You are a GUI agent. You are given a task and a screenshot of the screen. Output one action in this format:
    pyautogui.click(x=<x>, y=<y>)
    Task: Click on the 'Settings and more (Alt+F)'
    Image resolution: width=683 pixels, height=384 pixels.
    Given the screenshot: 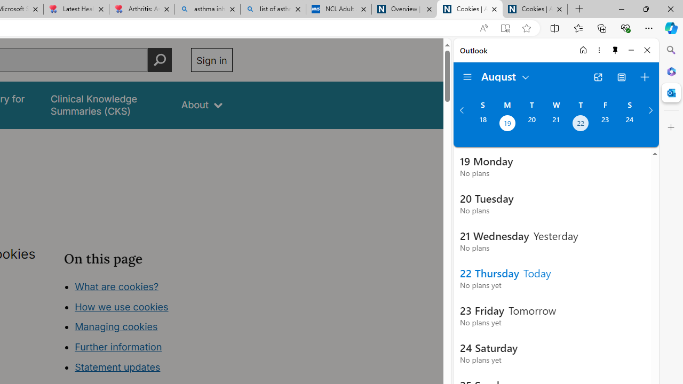 What is the action you would take?
    pyautogui.click(x=648, y=27)
    